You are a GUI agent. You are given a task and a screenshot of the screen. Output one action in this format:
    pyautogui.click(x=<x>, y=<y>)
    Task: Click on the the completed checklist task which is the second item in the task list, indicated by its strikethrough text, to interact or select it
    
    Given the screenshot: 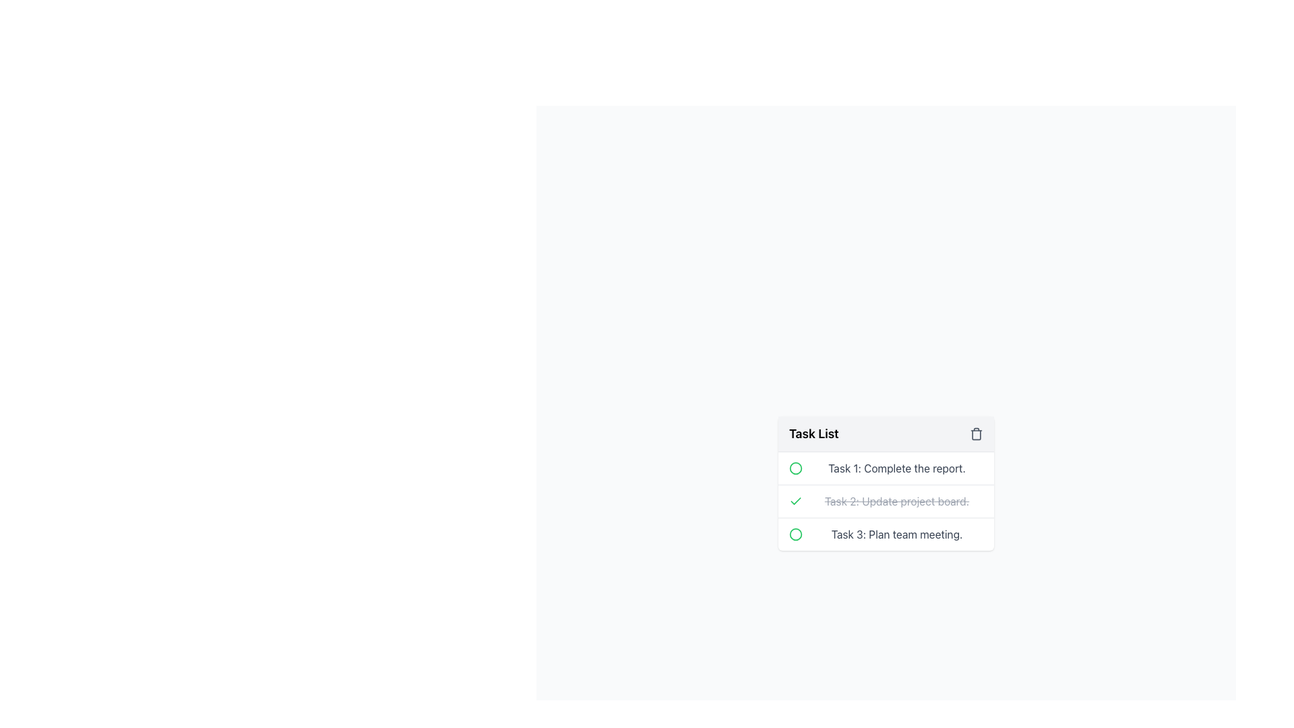 What is the action you would take?
    pyautogui.click(x=886, y=502)
    